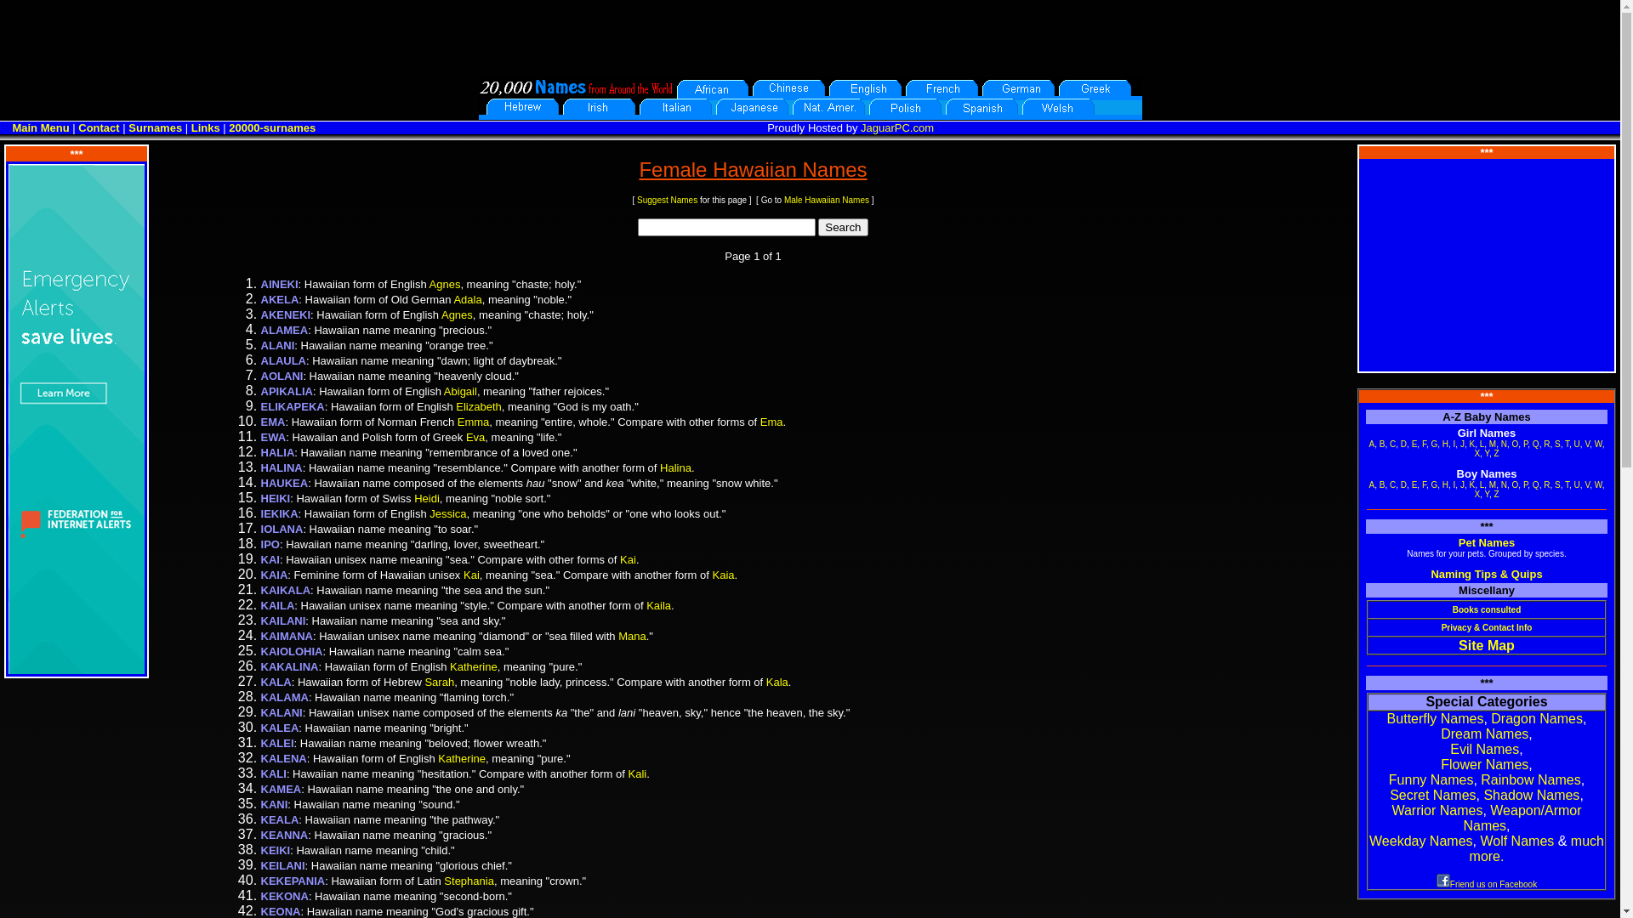 This screenshot has width=1633, height=918. I want to click on 'Katherine', so click(473, 666).